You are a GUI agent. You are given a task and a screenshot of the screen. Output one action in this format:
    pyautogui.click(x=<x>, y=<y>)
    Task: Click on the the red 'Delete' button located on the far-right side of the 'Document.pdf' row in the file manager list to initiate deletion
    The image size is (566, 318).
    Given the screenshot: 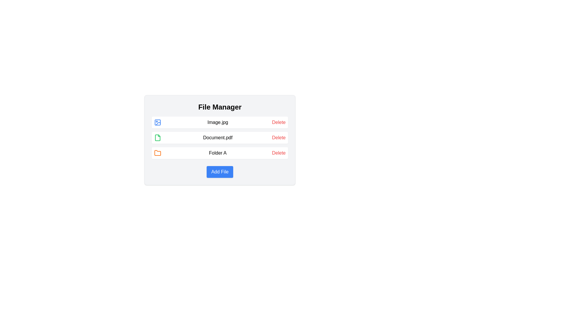 What is the action you would take?
    pyautogui.click(x=278, y=138)
    